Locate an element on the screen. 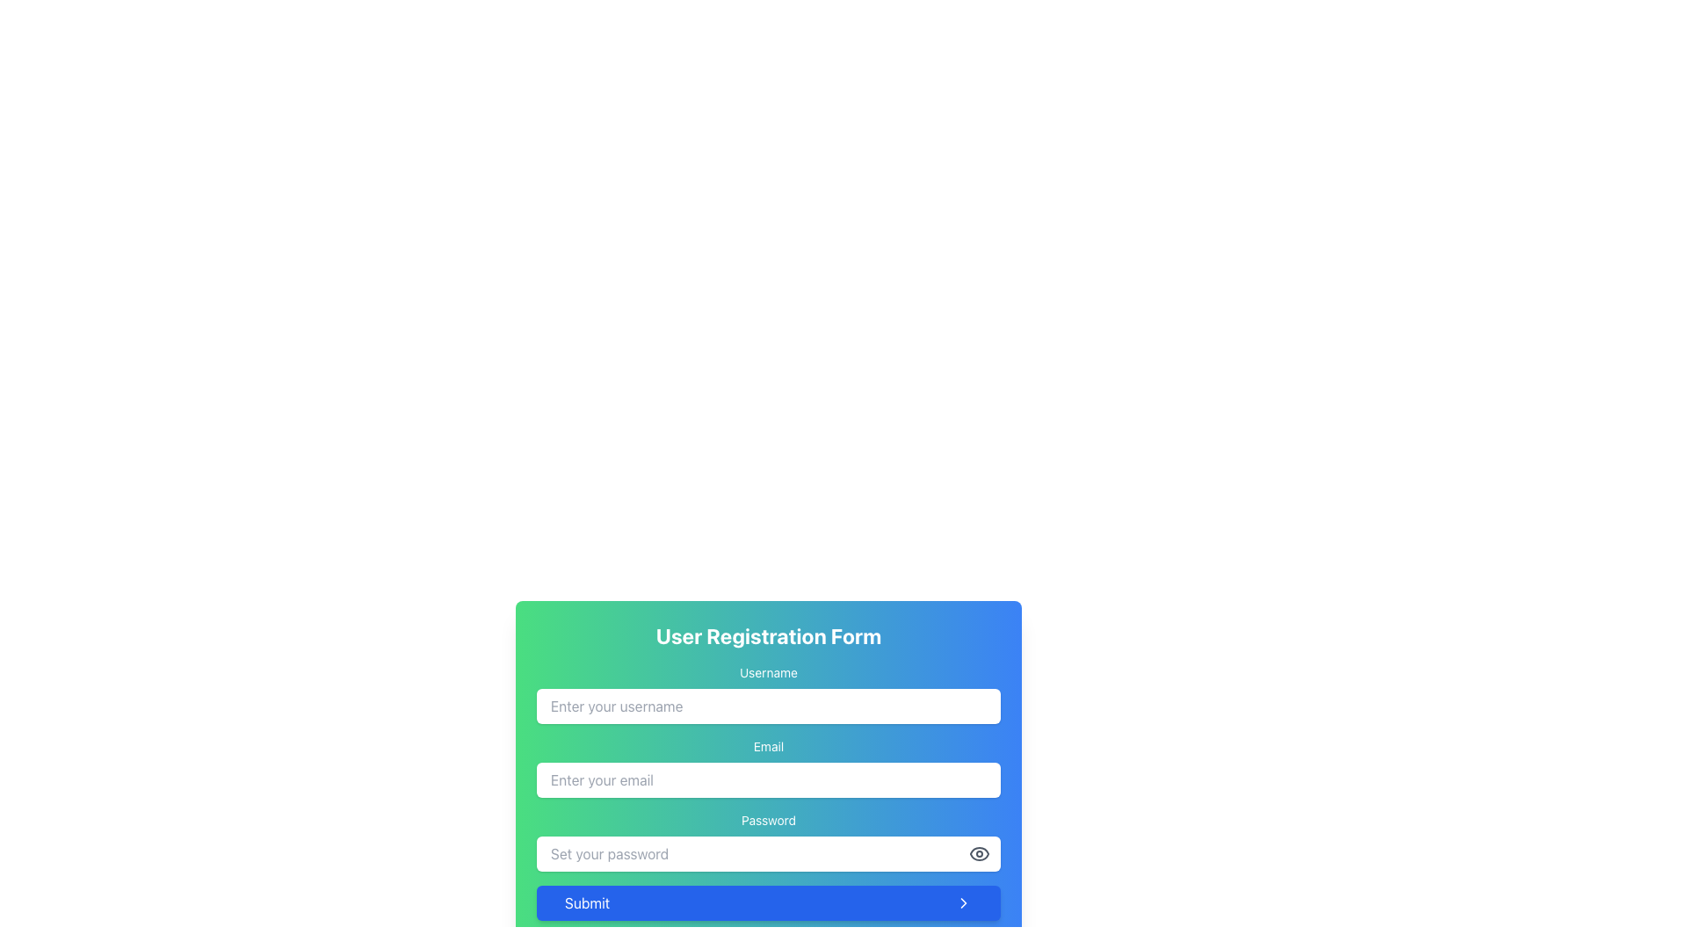  the right-facing chevron icon located at the bottom-right corner of the user interface, immediately to the right of the 'Submit' button is located at coordinates (963, 903).